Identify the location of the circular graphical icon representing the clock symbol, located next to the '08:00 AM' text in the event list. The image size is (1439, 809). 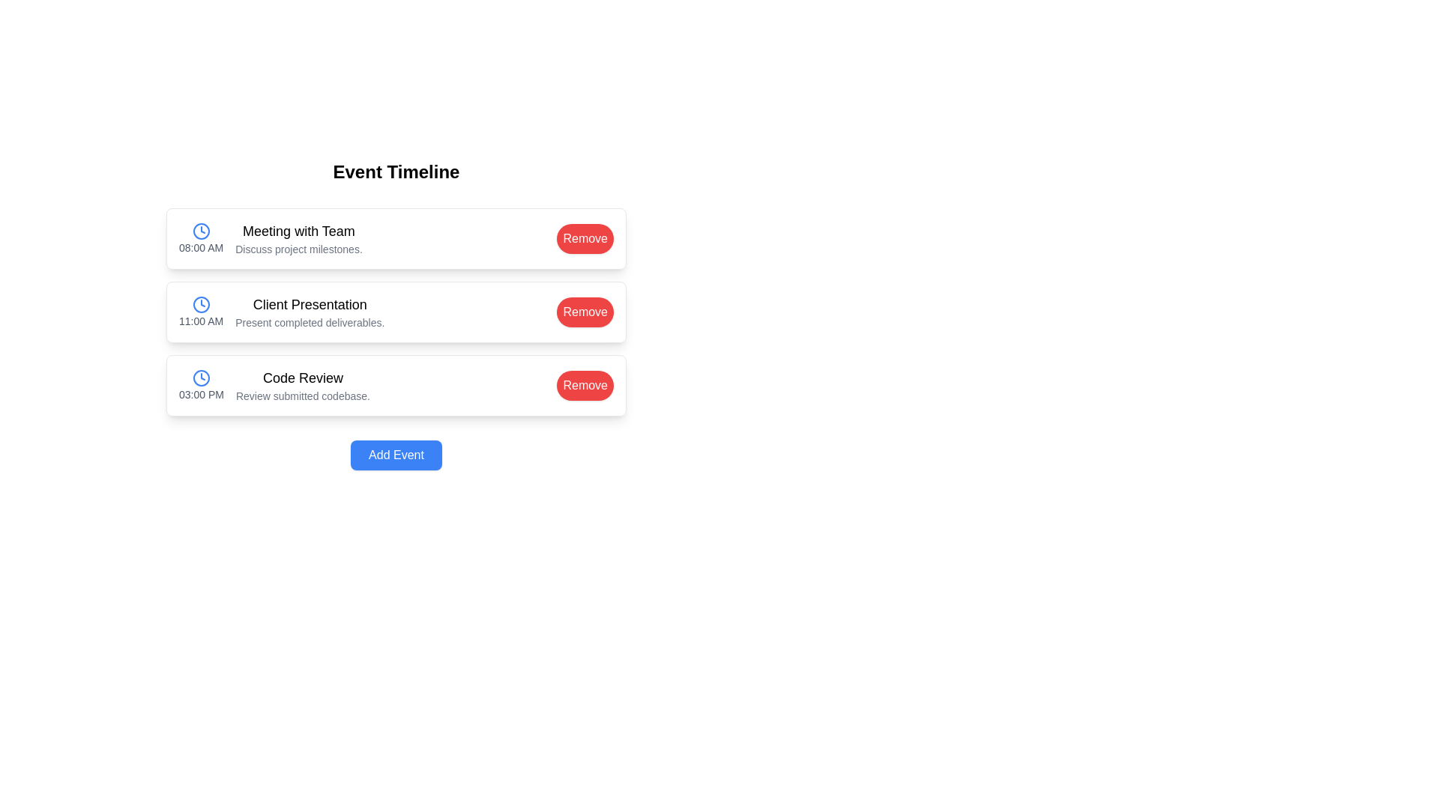
(200, 231).